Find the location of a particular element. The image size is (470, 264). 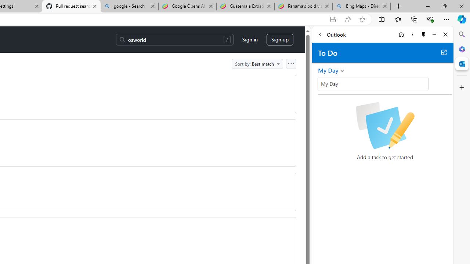

'Class: wL_Ii70haOUOvHnsRwbD' is located at coordinates (373, 83).